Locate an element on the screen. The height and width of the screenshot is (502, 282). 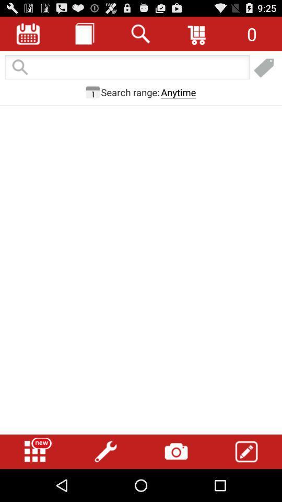
bookmarks is located at coordinates (264, 67).